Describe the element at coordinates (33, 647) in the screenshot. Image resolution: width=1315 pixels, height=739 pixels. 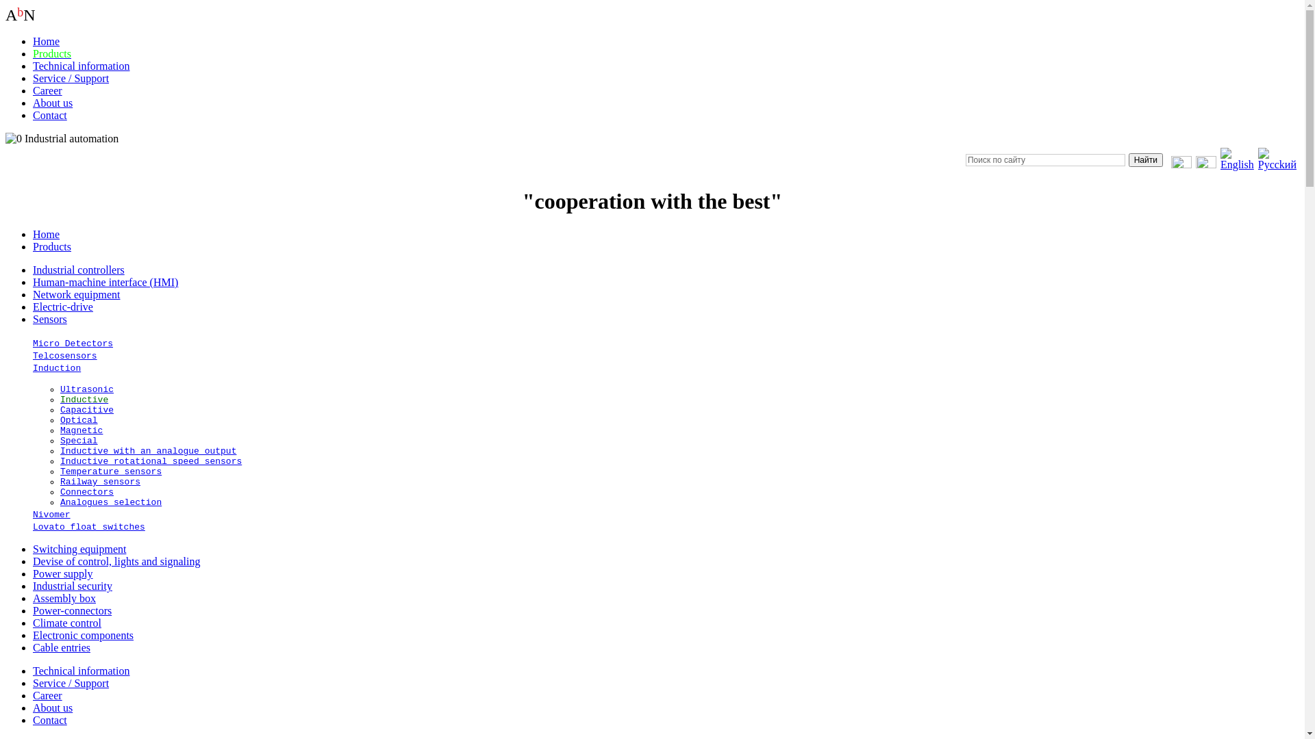
I see `'Cable entries'` at that location.